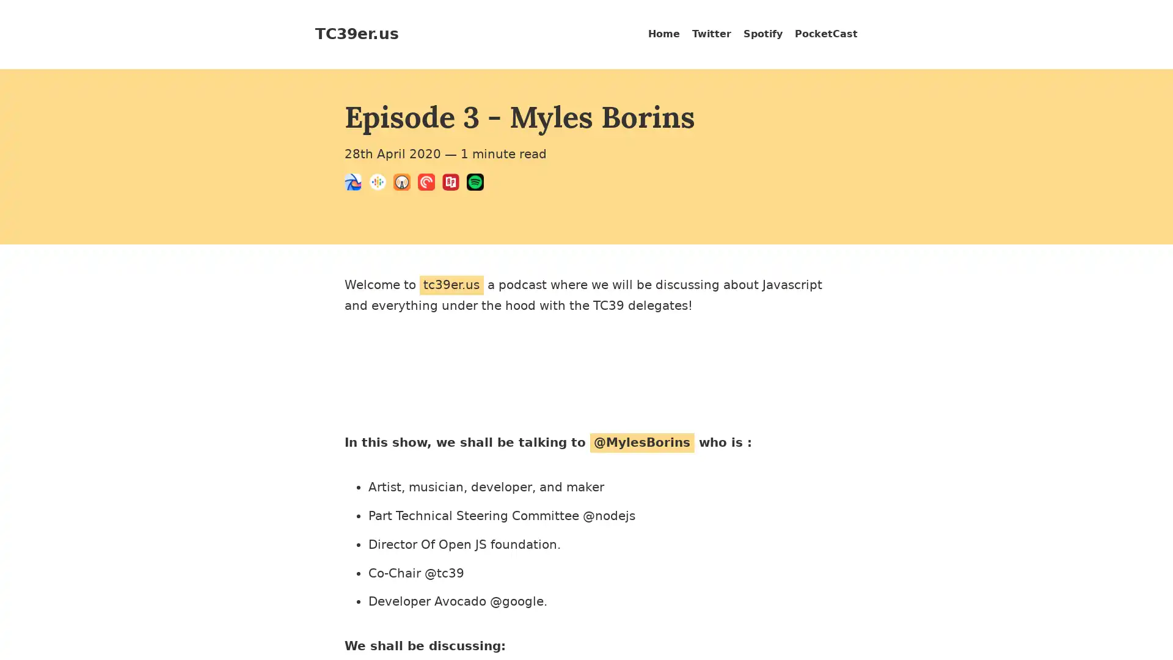  I want to click on Overcast Logo, so click(405, 184).